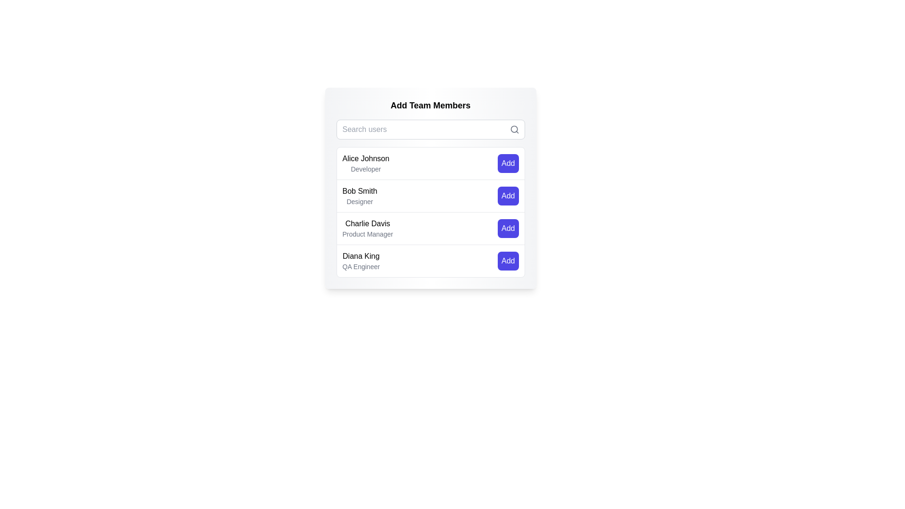  I want to click on text label providing contextual information about the team member 'Charlie Davis', located below the name in the centralized modal dialog box titled 'Add Team Members', so click(367, 234).